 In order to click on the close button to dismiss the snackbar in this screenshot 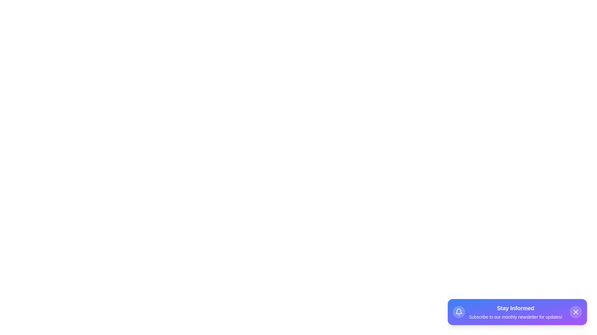, I will do `click(576, 312)`.